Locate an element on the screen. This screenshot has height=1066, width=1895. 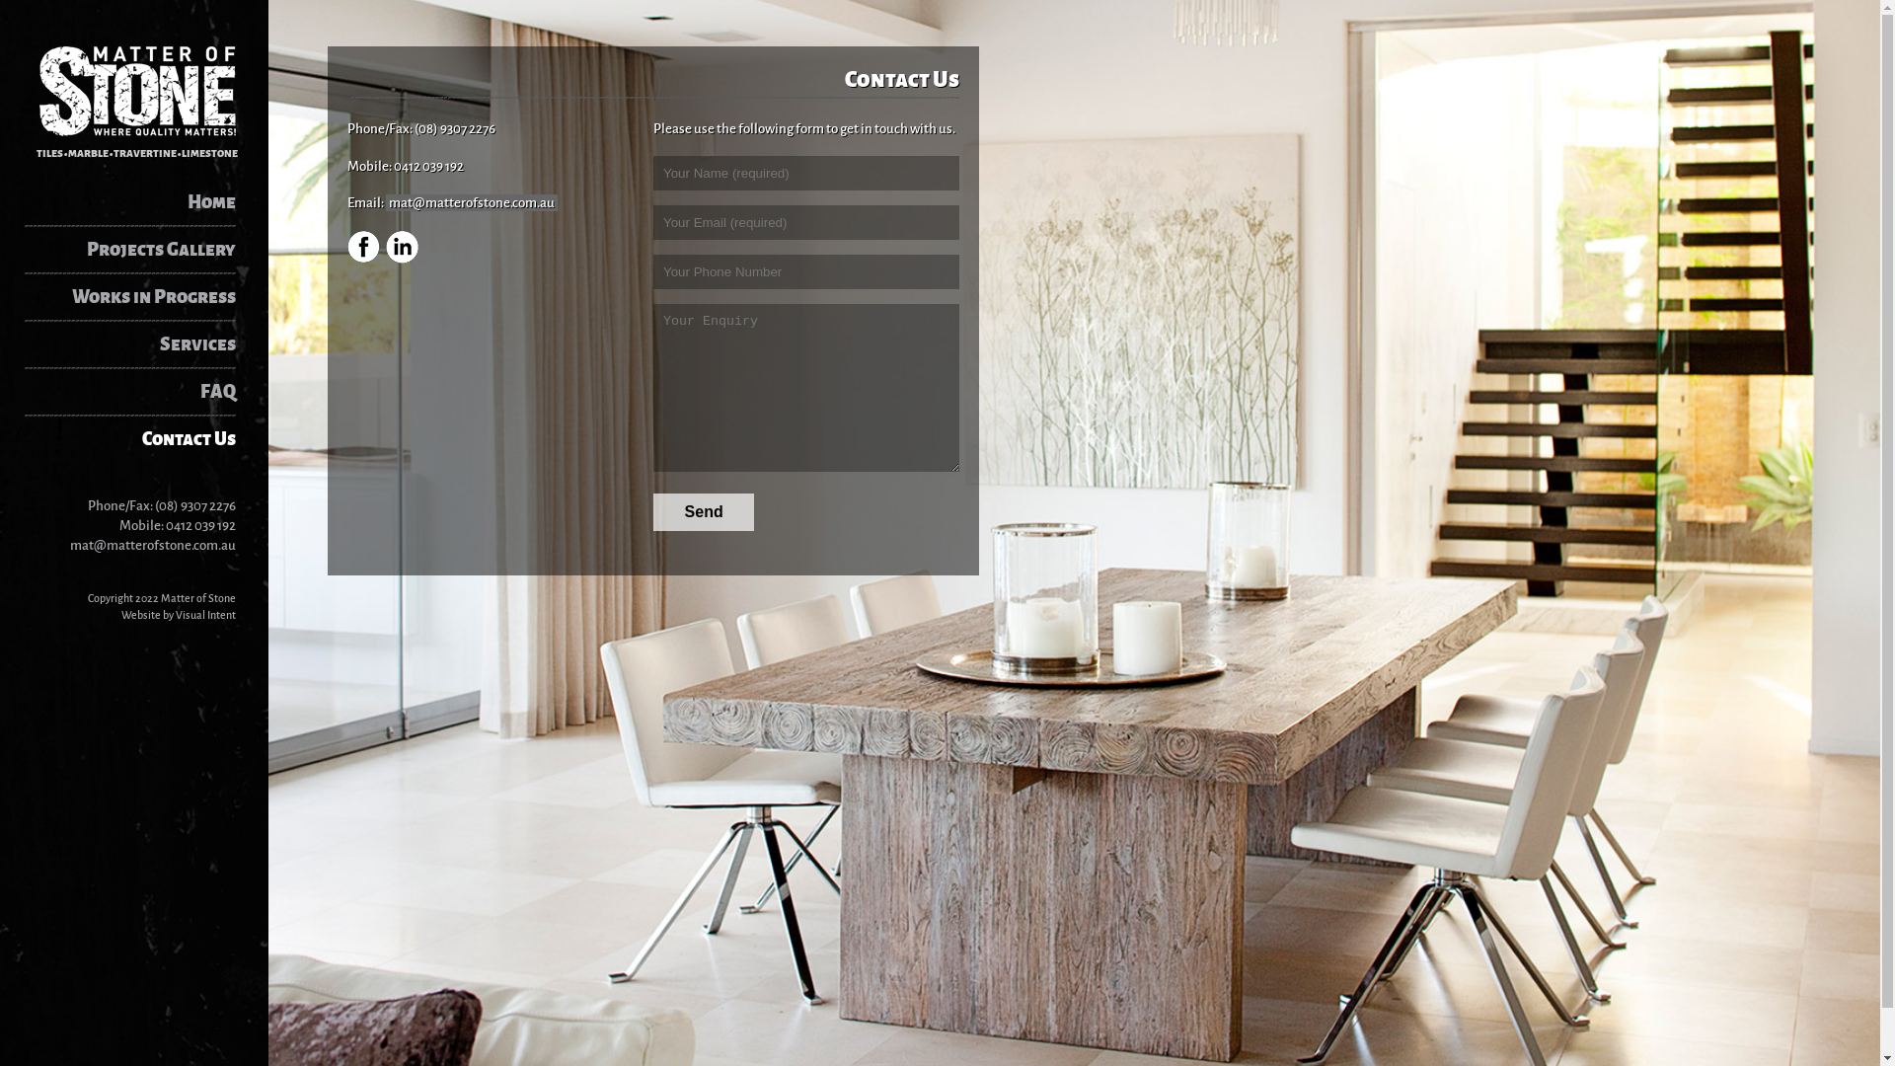
'Contact Us' is located at coordinates (140, 437).